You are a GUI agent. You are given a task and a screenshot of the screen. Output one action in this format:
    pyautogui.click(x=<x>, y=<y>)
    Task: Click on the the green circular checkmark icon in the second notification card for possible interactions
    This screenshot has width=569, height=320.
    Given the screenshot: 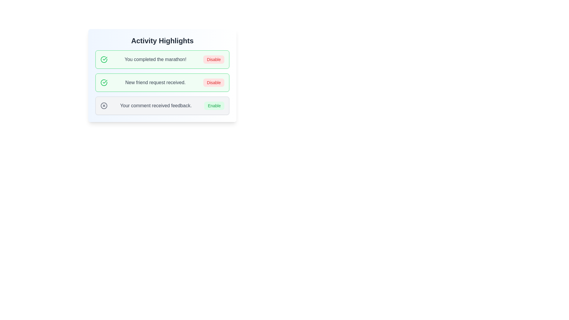 What is the action you would take?
    pyautogui.click(x=104, y=82)
    